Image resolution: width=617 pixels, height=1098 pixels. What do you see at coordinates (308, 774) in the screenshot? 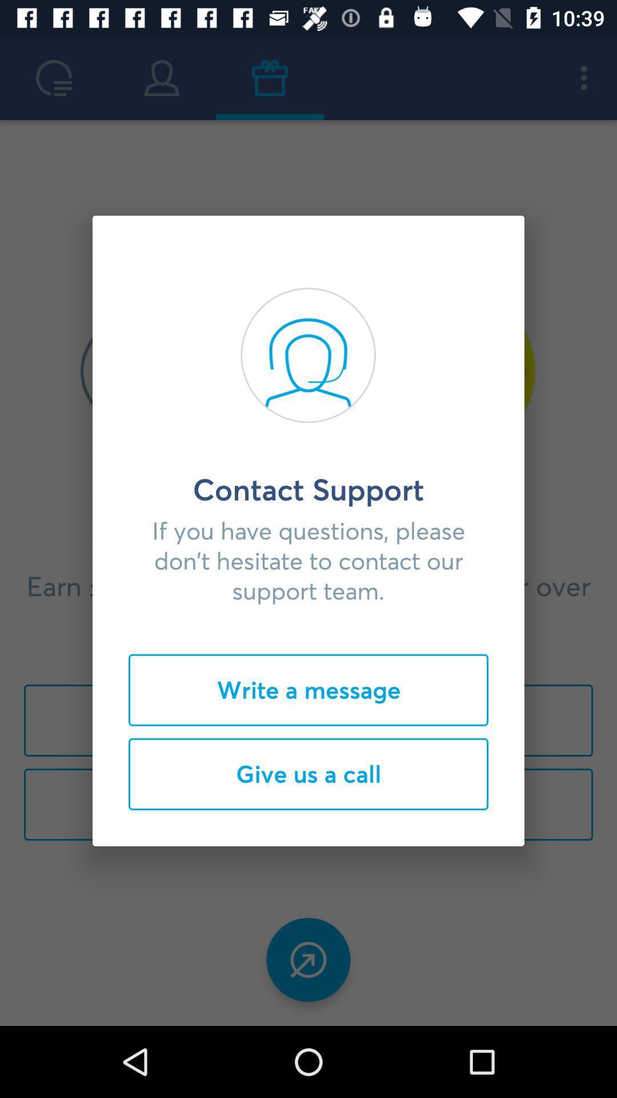
I see `icon below the write a message item` at bounding box center [308, 774].